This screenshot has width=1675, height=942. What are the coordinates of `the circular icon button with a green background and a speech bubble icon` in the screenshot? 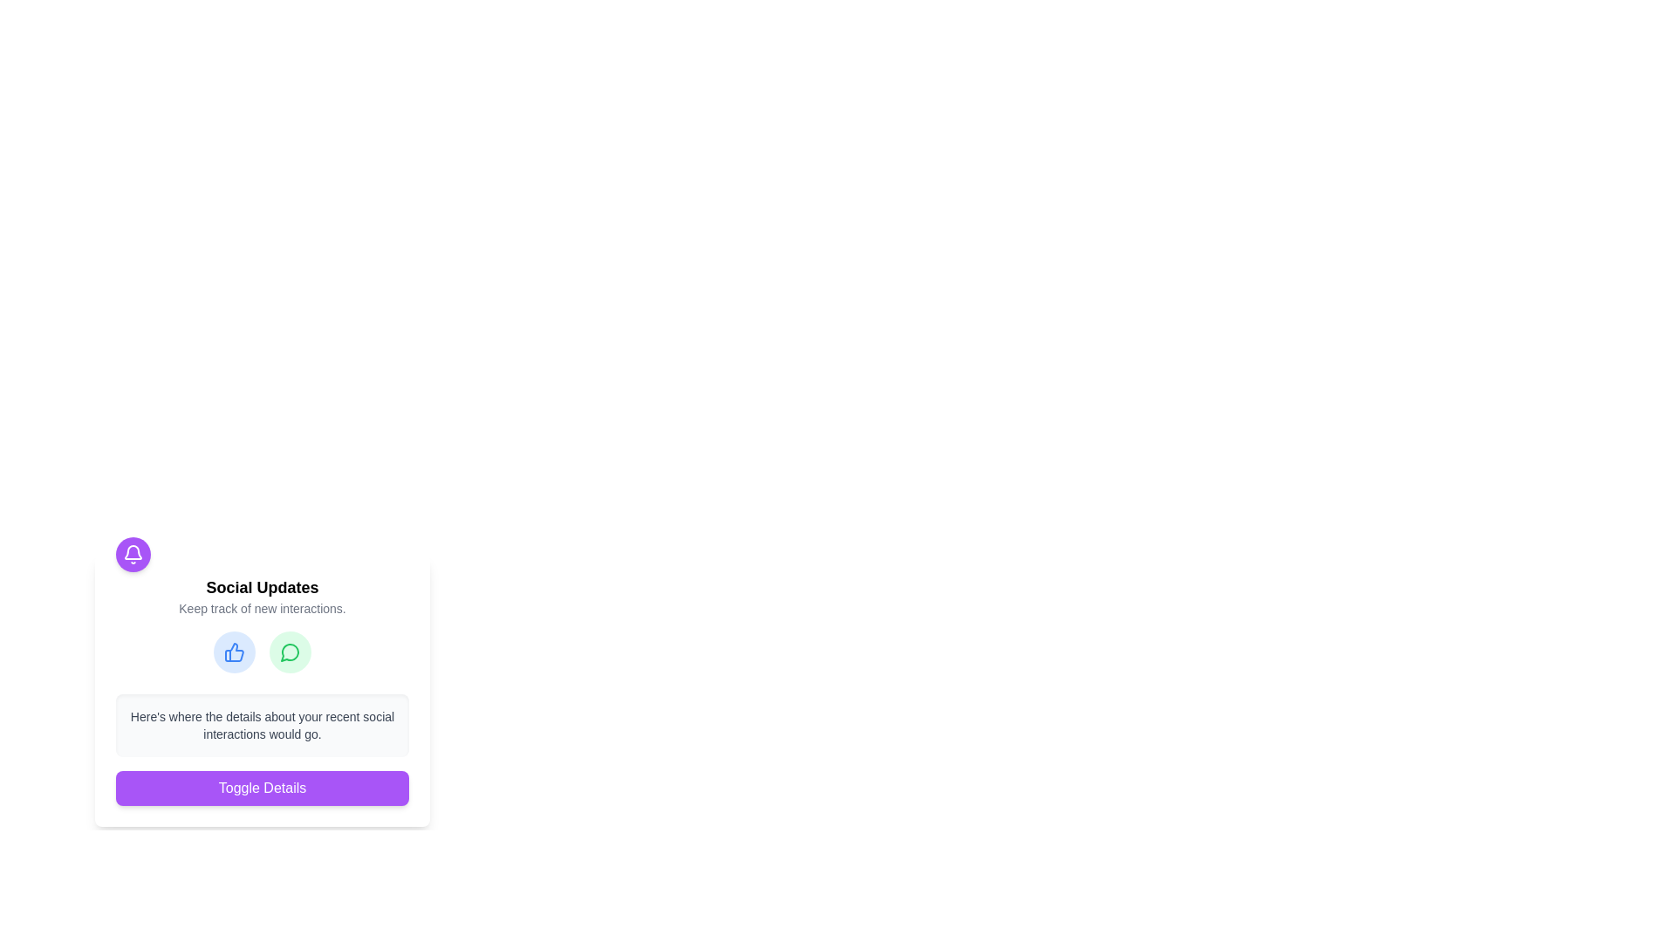 It's located at (290, 652).